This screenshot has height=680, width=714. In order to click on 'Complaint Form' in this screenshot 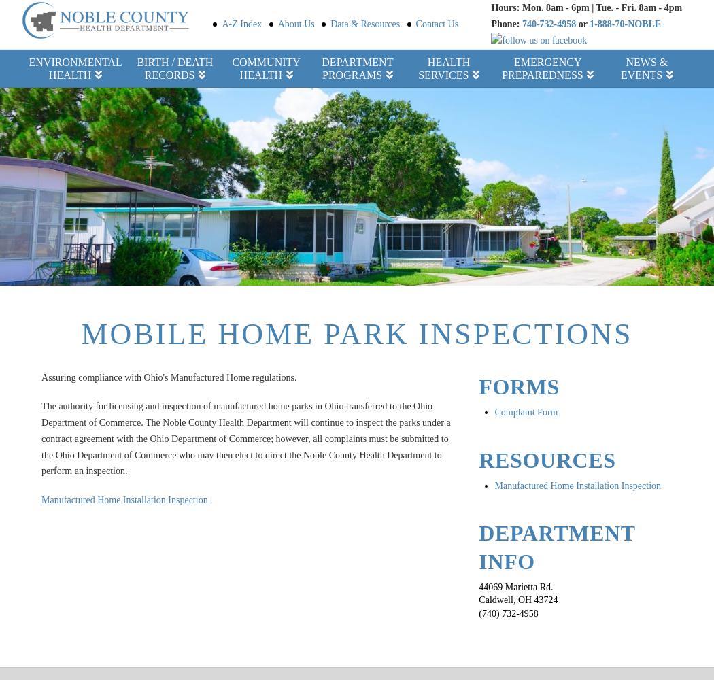, I will do `click(526, 411)`.